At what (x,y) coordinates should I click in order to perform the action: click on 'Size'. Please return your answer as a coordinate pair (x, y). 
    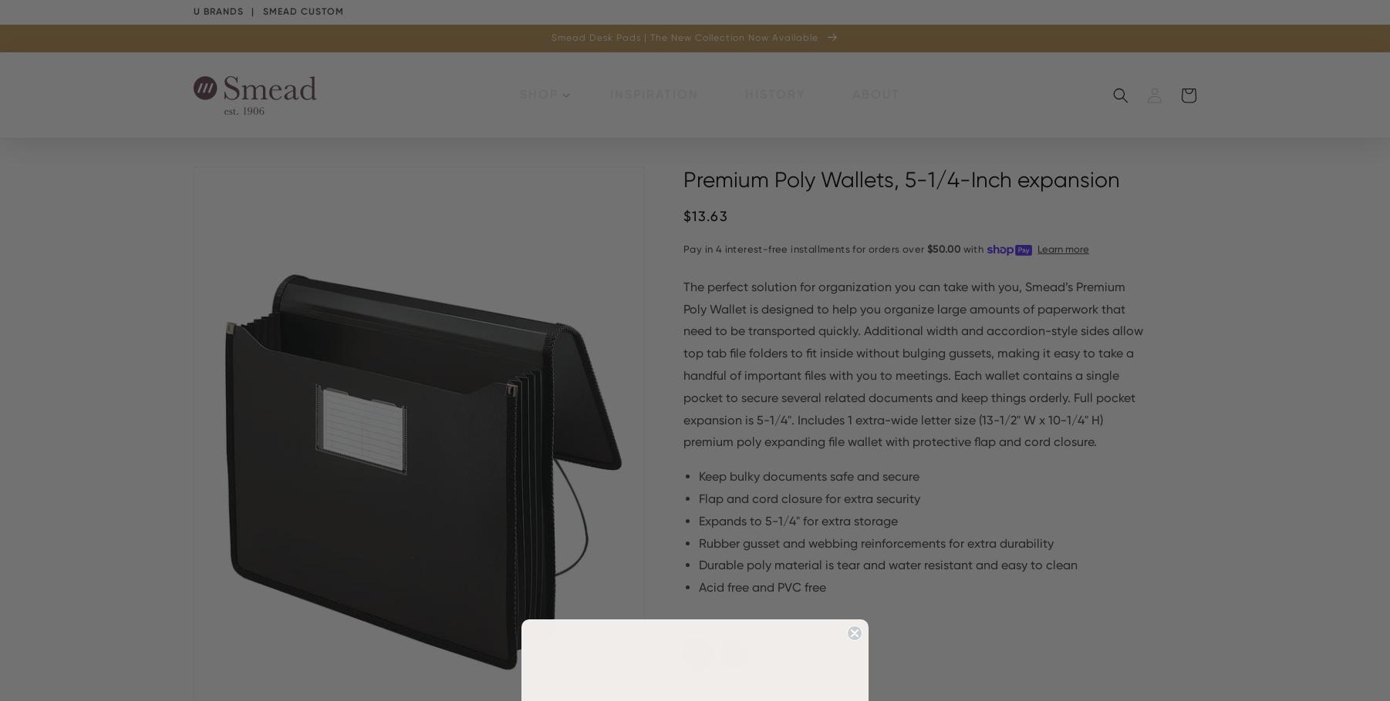
    Looking at the image, I should click on (683, 686).